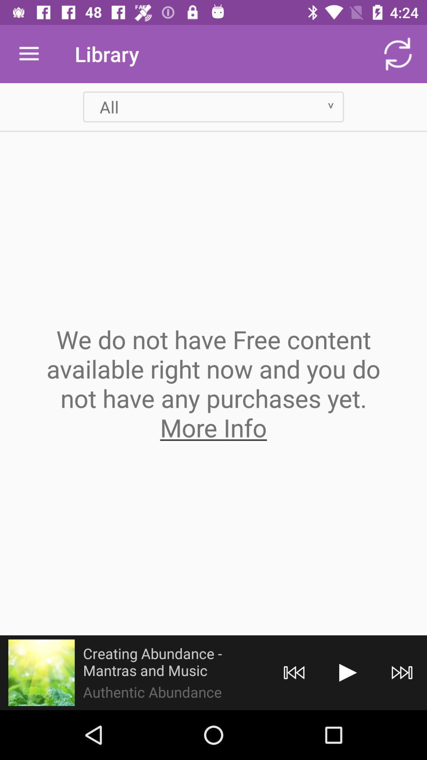 This screenshot has height=760, width=427. What do you see at coordinates (402, 672) in the screenshot?
I see `the skip_next icon` at bounding box center [402, 672].